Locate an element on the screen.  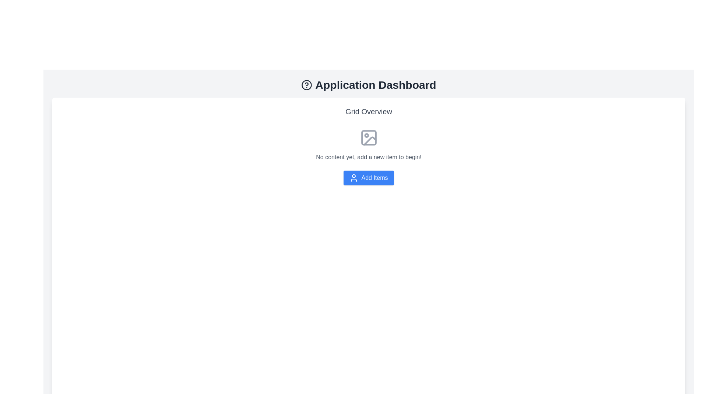
the circular user profile icon with a white outline and solid blue background, located within the 'Add Items' button is located at coordinates (354, 178).